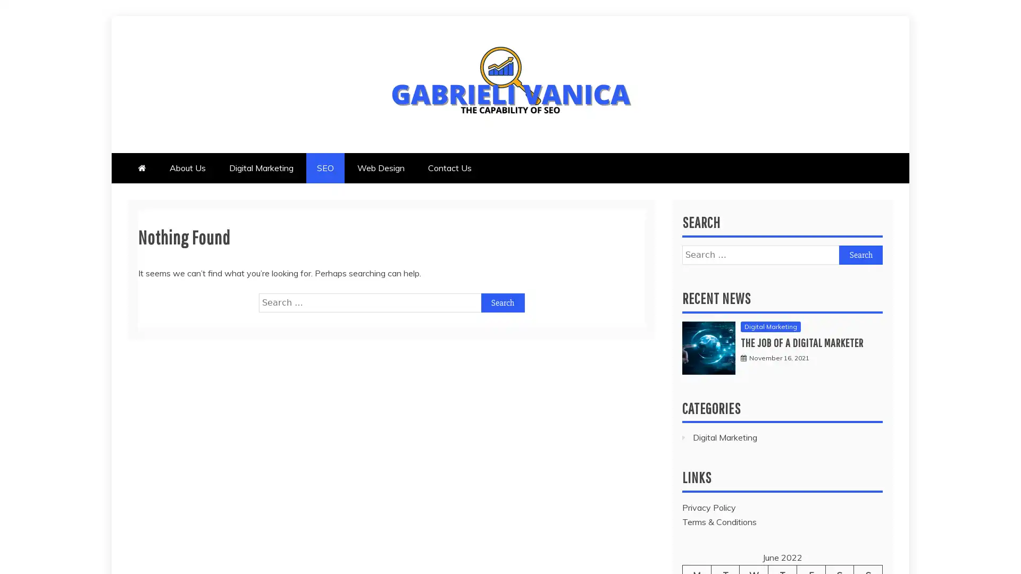 This screenshot has height=574, width=1021. Describe the element at coordinates (502, 302) in the screenshot. I see `Search` at that location.